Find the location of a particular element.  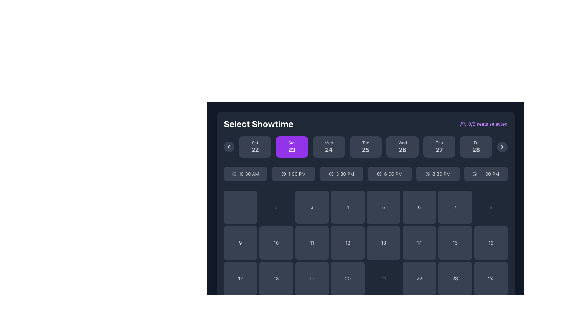

the clock icon with a circular outline and two hands indicating a time is located at coordinates (379, 173).